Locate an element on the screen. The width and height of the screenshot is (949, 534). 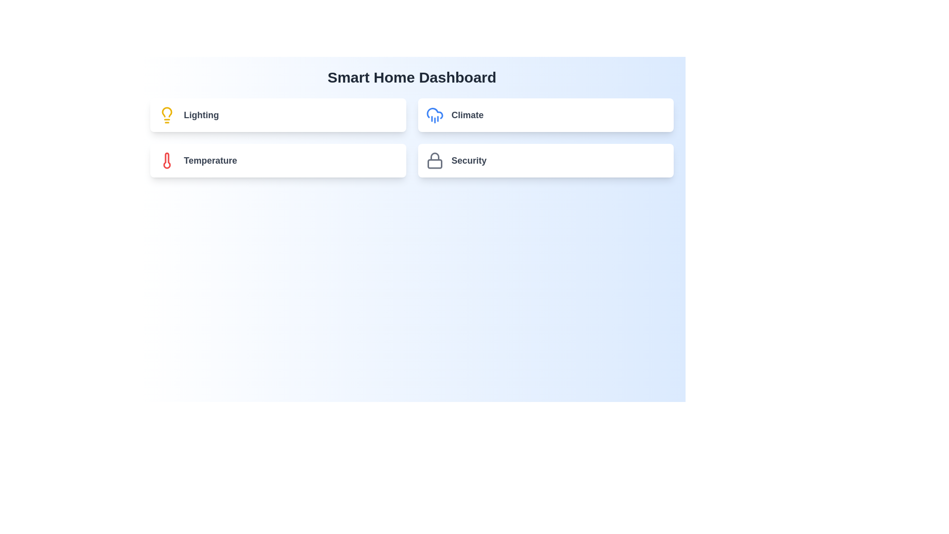
the upper part of the lightbulb icon, which is styled in yellow and located adjacent to the text 'Lighting' is located at coordinates (167, 112).